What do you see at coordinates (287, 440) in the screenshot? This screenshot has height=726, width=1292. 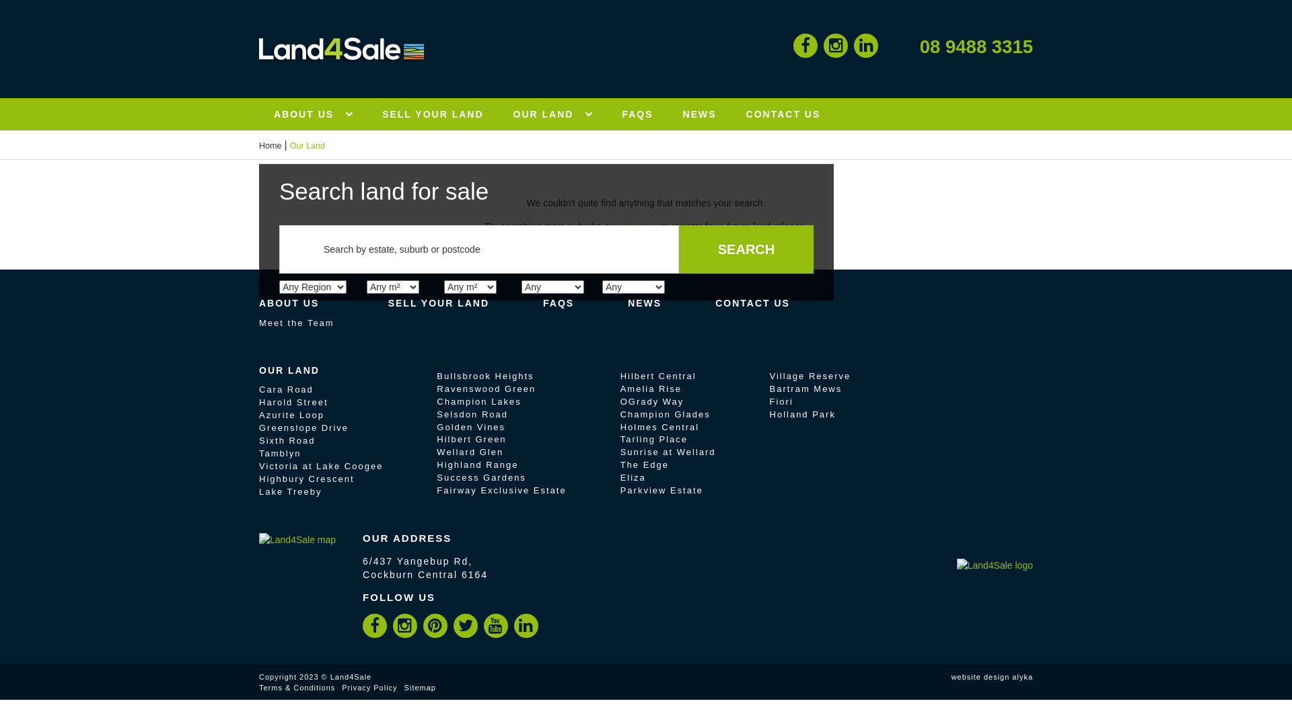 I see `'Sixth Road'` at bounding box center [287, 440].